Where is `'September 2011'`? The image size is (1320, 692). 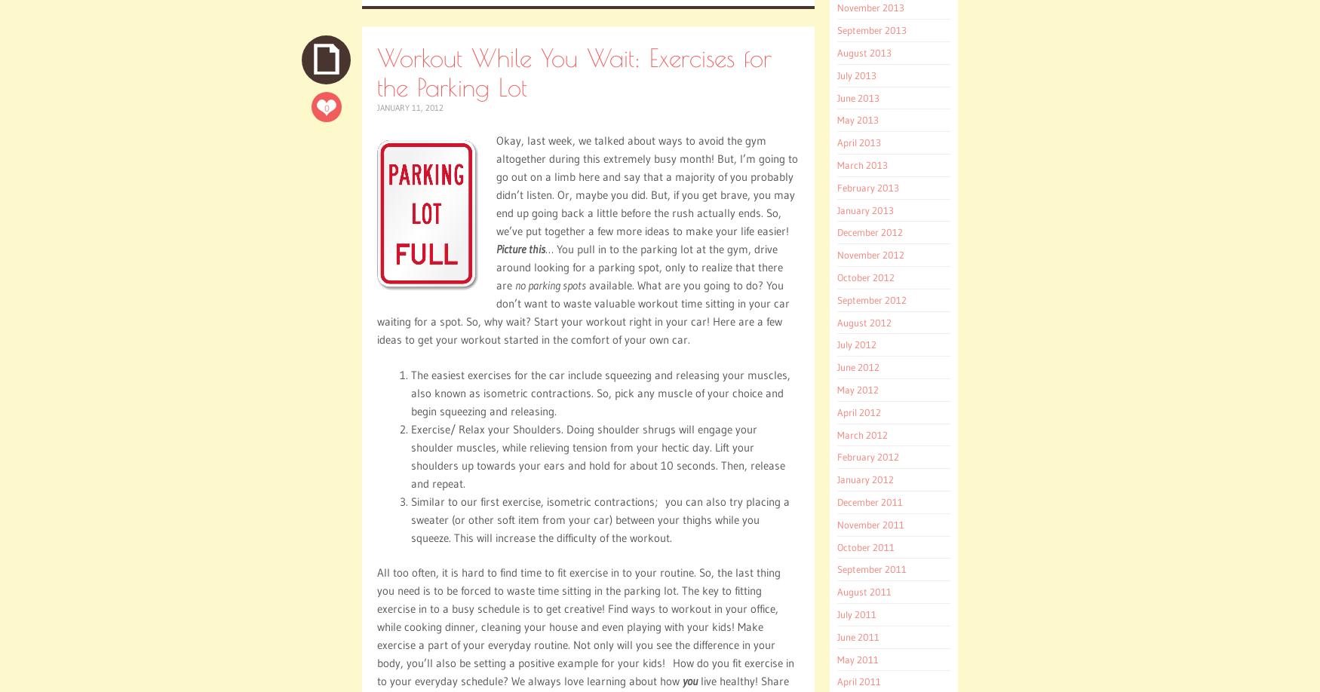 'September 2011' is located at coordinates (871, 568).